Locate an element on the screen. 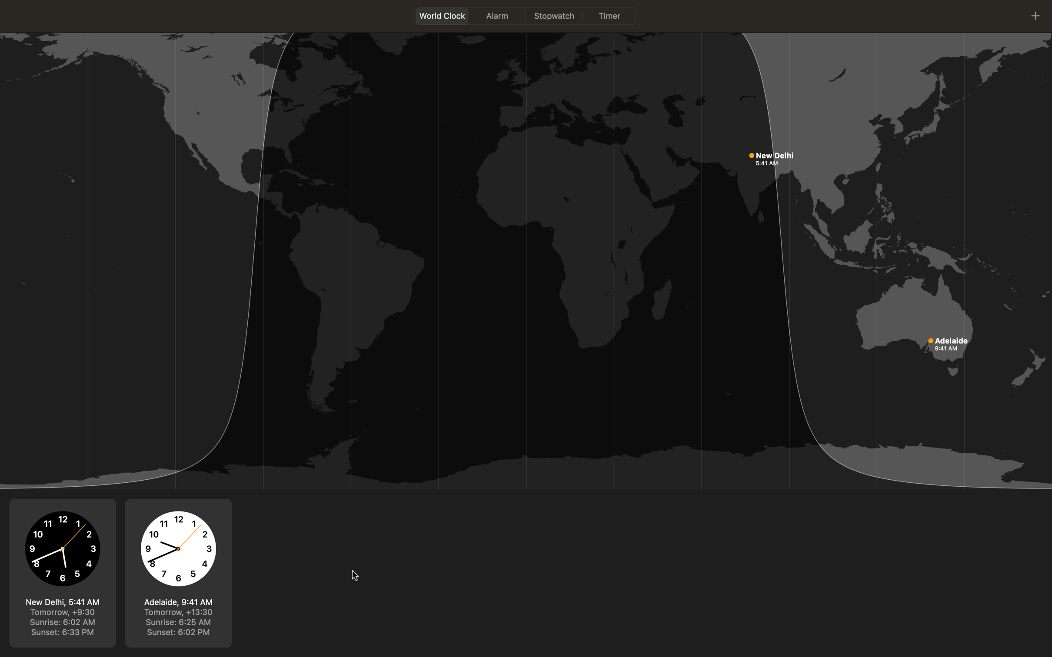  Search Rio de Janeiro to add after hitting + button is located at coordinates (1035, 14).